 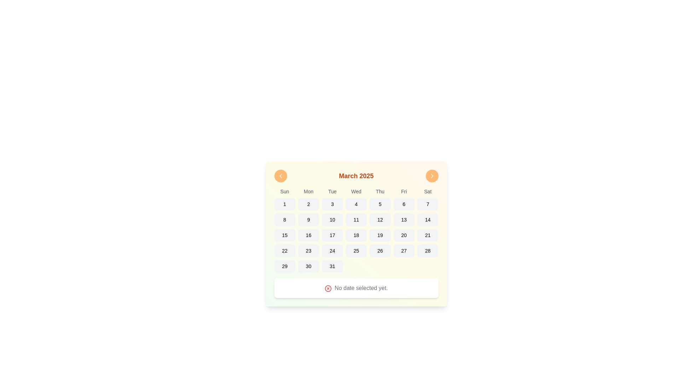 I want to click on the Interactive calendar date button displaying the number '2' located in the first row under the 'Mon' header, so click(x=308, y=204).